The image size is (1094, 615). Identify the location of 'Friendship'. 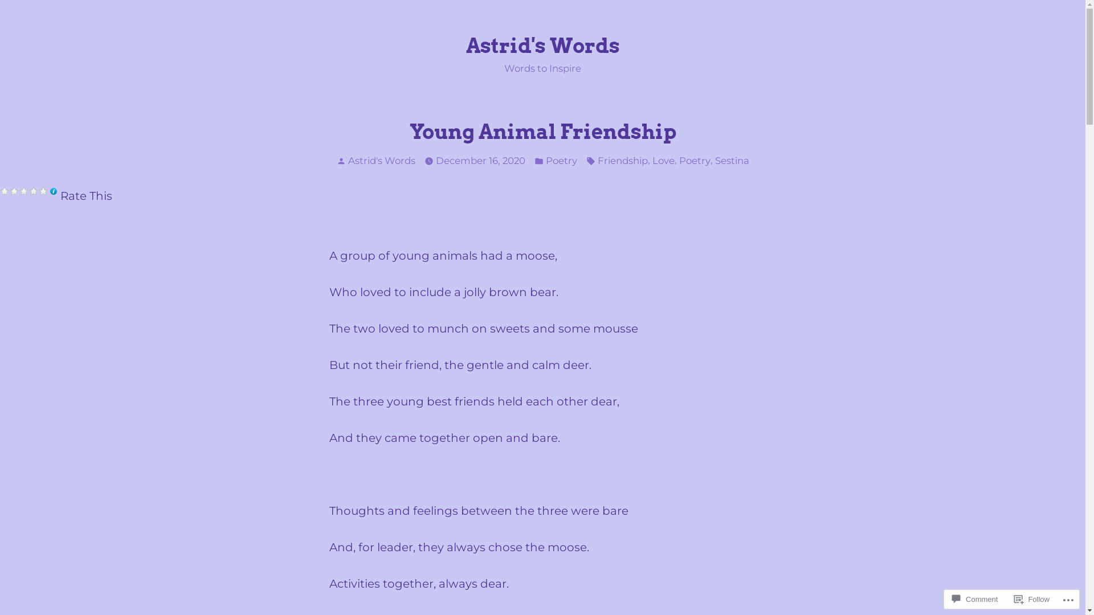
(596, 161).